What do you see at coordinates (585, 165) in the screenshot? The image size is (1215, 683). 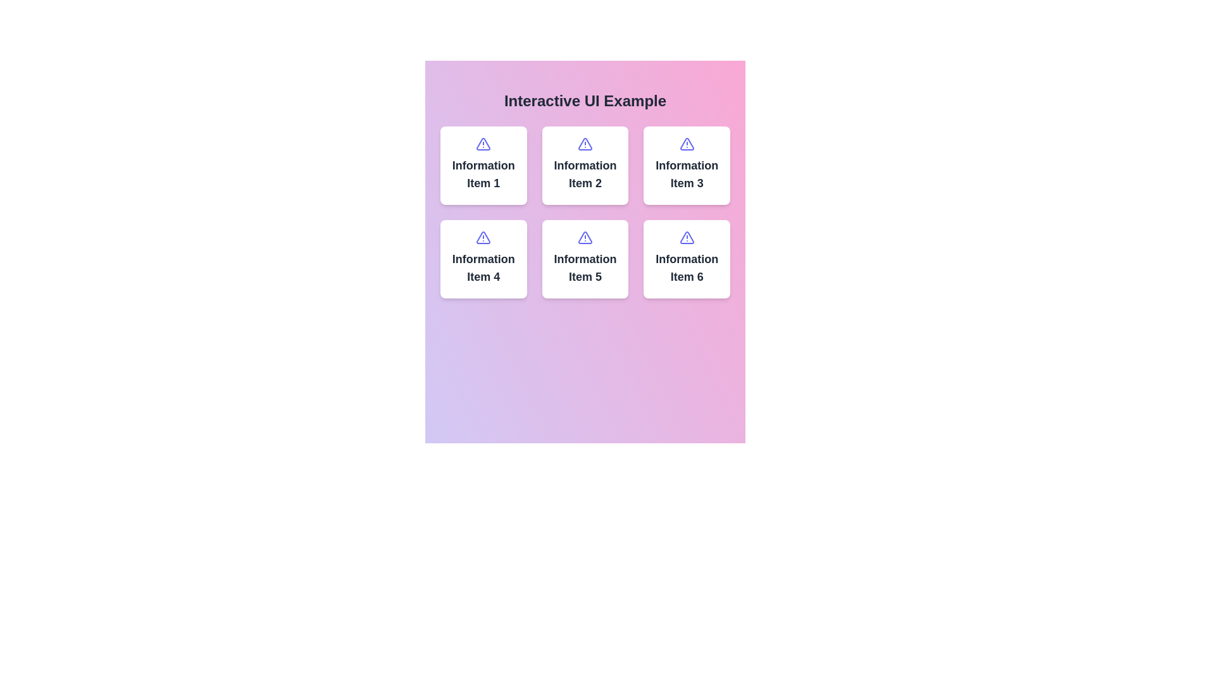 I see `the Informational Card located in the middle column of the top row in a 3x2 grid layout` at bounding box center [585, 165].